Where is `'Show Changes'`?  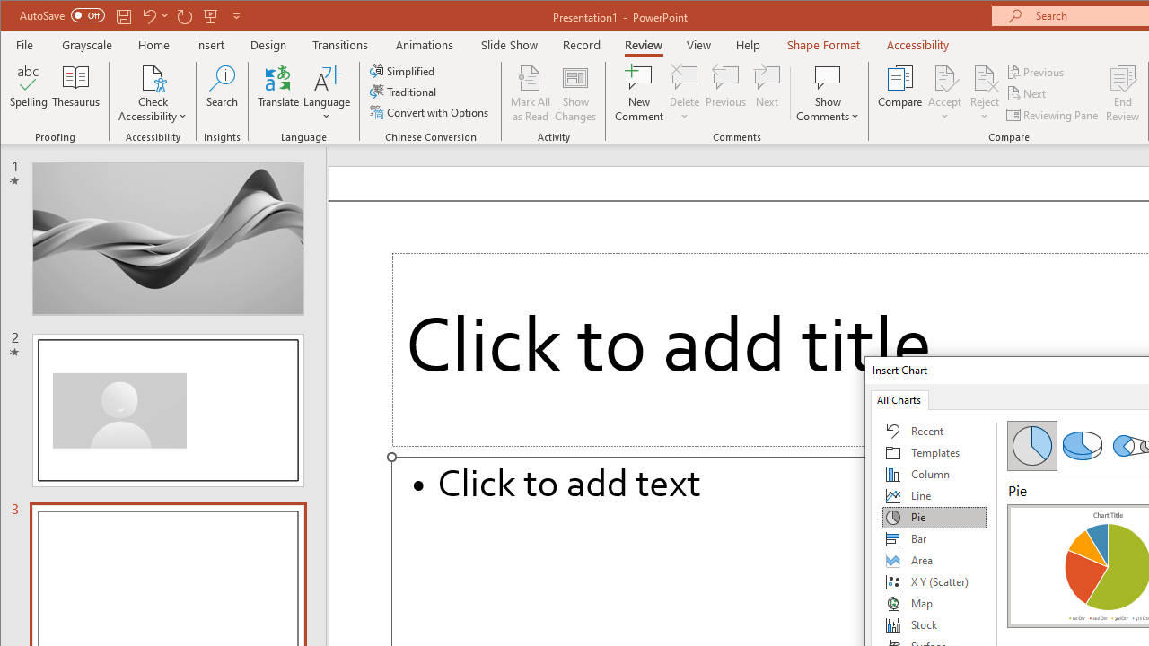 'Show Changes' is located at coordinates (575, 93).